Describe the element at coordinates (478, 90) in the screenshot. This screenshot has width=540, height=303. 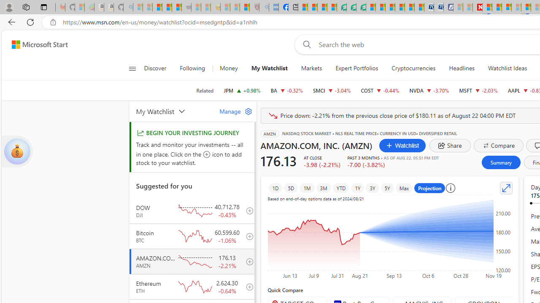
I see `'MSFT MICROSOFT CORPORATION decrease 415.55 -8.59 -2.03%'` at that location.